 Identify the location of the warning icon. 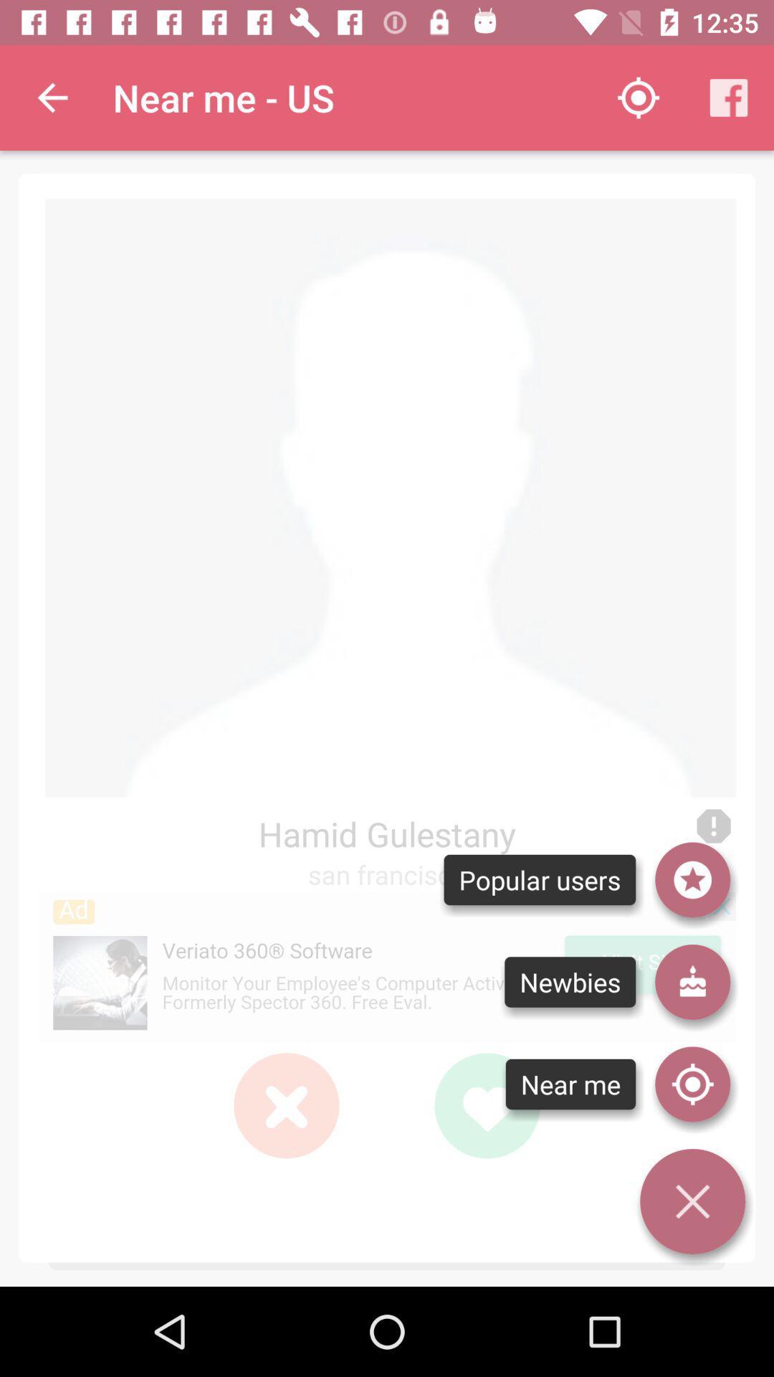
(713, 826).